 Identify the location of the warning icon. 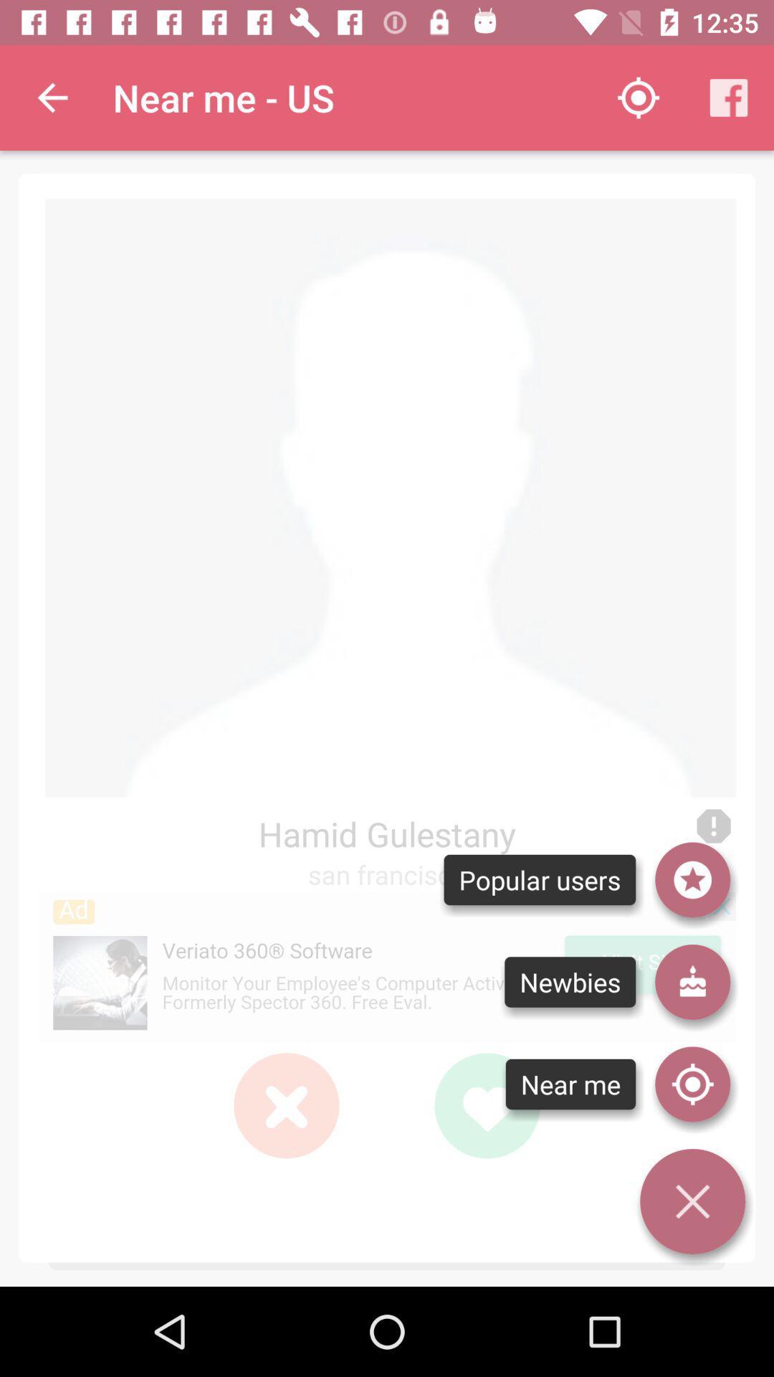
(713, 826).